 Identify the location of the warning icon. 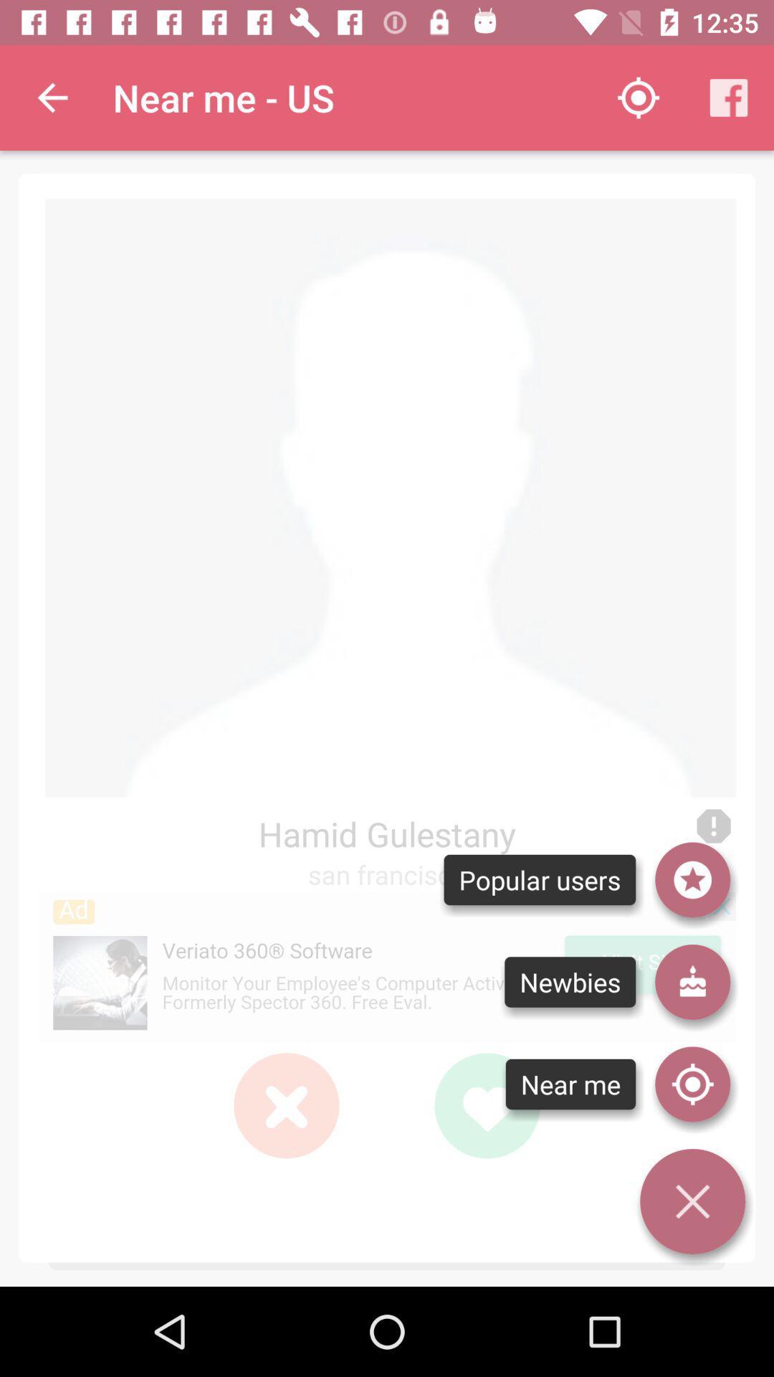
(713, 826).